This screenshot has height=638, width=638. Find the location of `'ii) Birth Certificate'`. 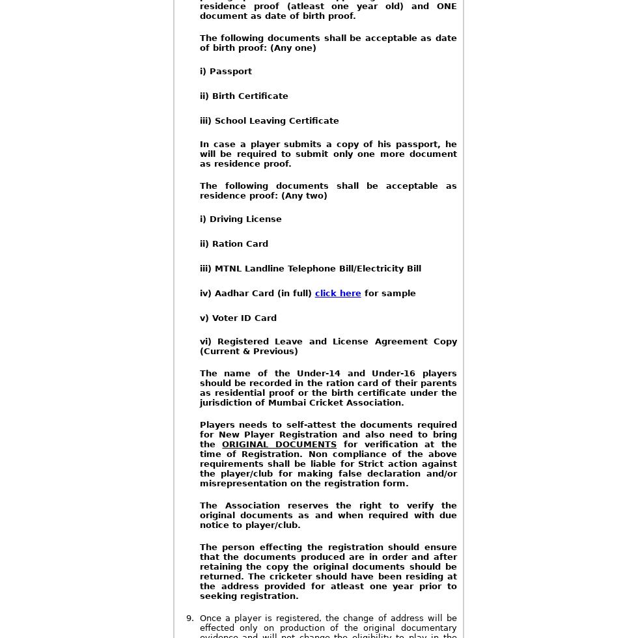

'ii) Birth Certificate' is located at coordinates (243, 96).